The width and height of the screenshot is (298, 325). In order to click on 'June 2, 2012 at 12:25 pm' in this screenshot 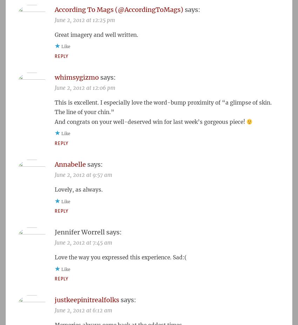, I will do `click(84, 19)`.